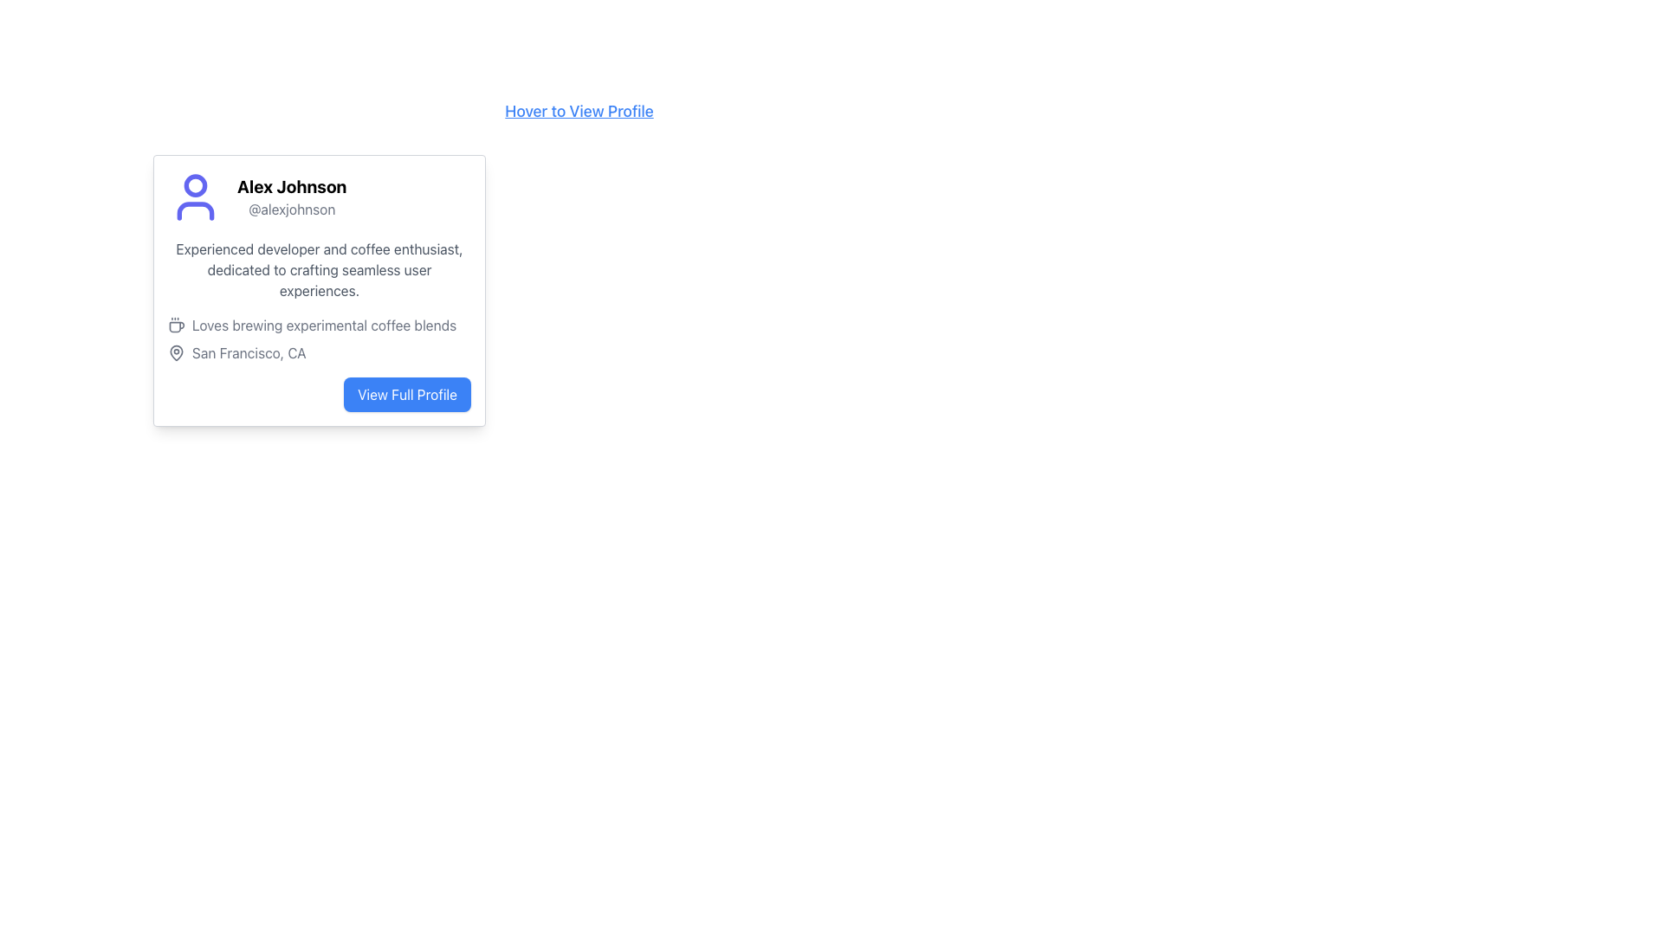 This screenshot has width=1663, height=935. I want to click on the coffee cup icon located to the left of the text snippet 'Loves brewing experimental coffee blends' in the user's profile card, so click(177, 327).